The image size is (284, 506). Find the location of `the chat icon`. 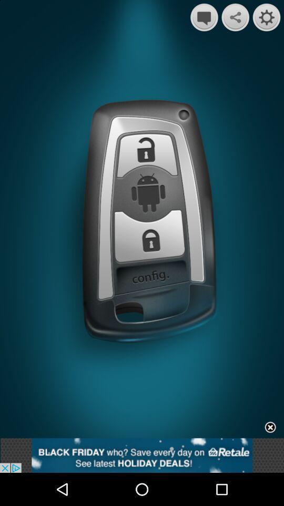

the chat icon is located at coordinates (204, 18).